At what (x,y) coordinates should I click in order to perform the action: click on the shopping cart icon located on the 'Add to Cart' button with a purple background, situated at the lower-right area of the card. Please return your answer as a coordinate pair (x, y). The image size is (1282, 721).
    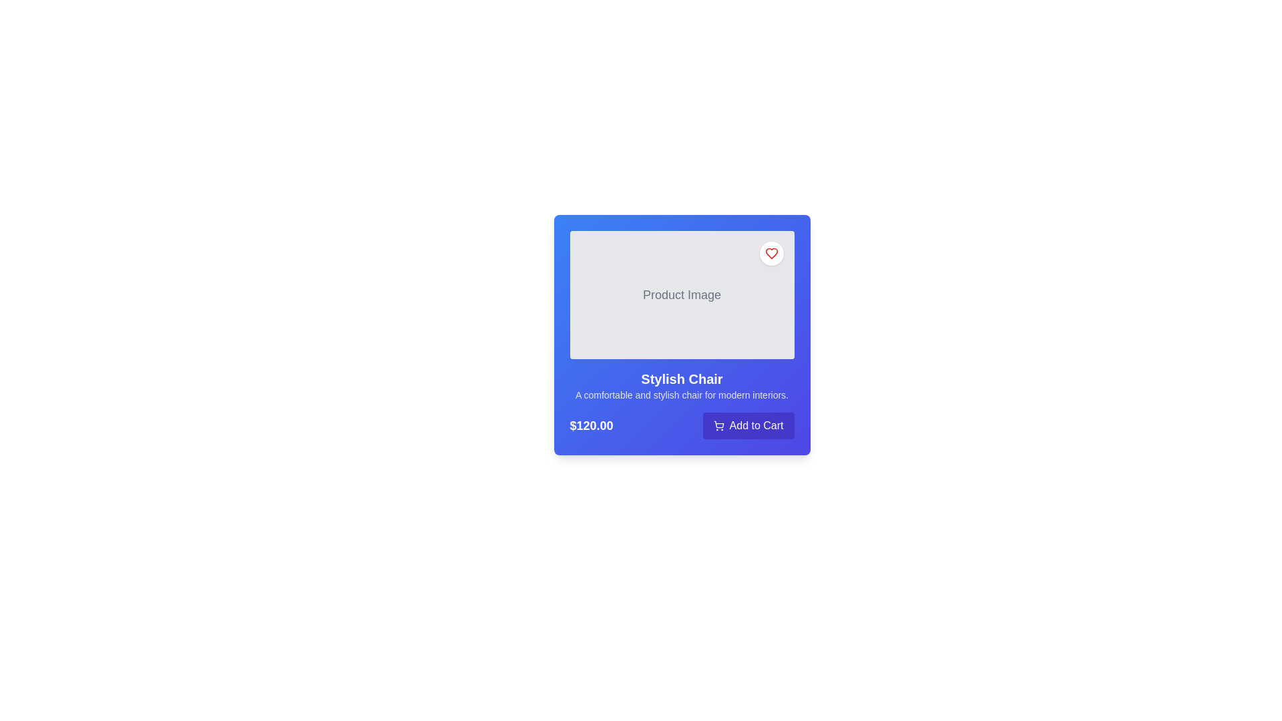
    Looking at the image, I should click on (718, 425).